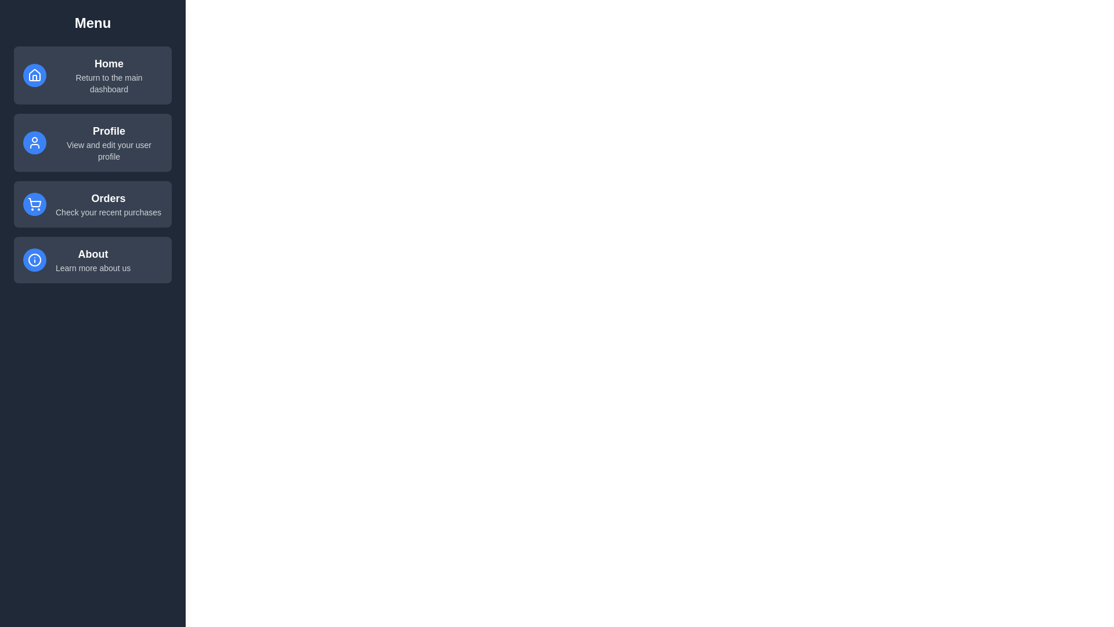 The image size is (1114, 627). I want to click on the menu item labeled Profile to select it, so click(92, 142).